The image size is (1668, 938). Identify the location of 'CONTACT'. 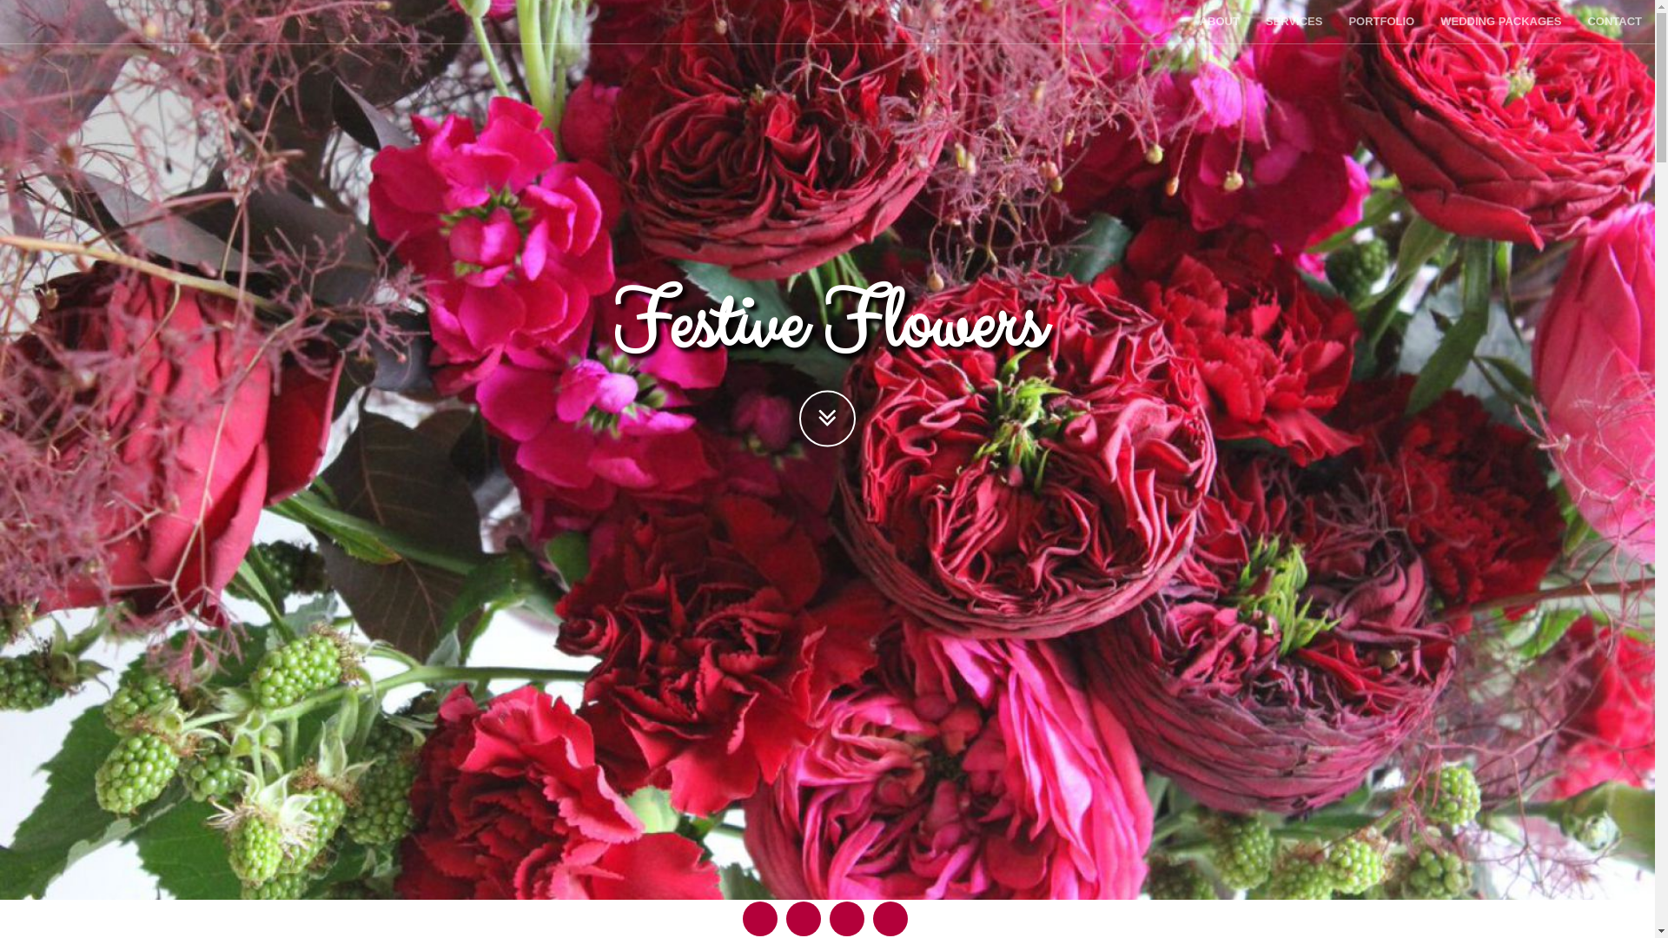
(1573, 21).